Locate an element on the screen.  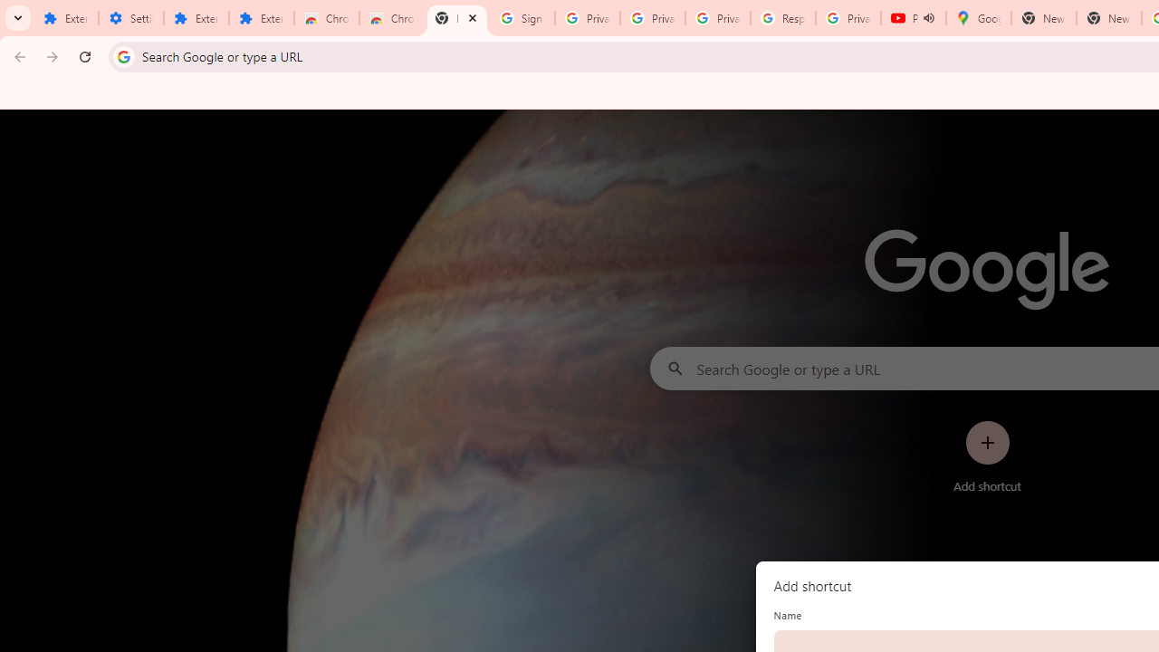
'Sign in - Google Accounts' is located at coordinates (522, 18).